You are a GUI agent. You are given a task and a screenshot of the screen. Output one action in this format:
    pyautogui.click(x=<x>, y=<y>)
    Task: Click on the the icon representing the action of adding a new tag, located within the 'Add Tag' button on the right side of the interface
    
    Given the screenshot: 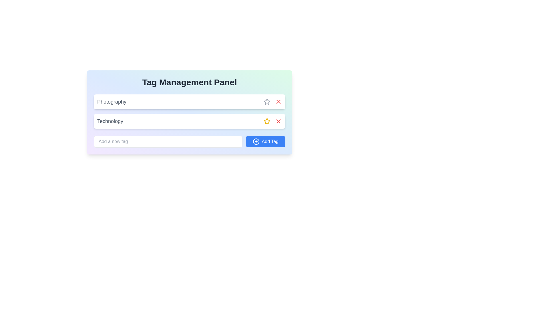 What is the action you would take?
    pyautogui.click(x=256, y=141)
    